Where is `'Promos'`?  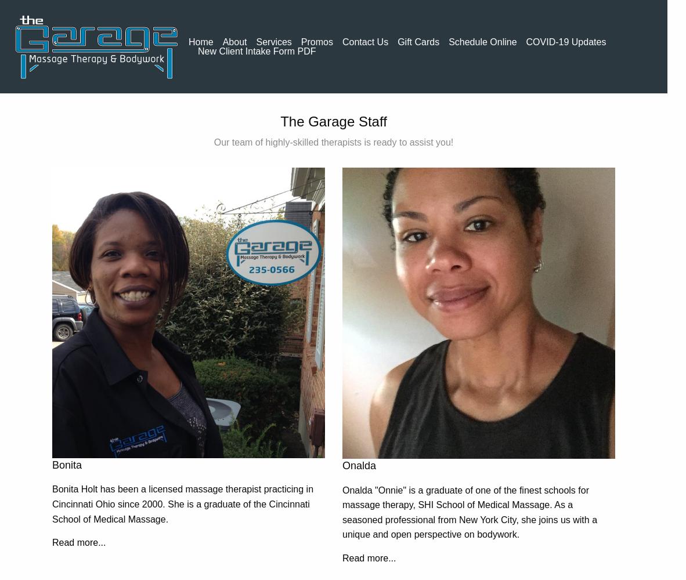
'Promos' is located at coordinates (316, 41).